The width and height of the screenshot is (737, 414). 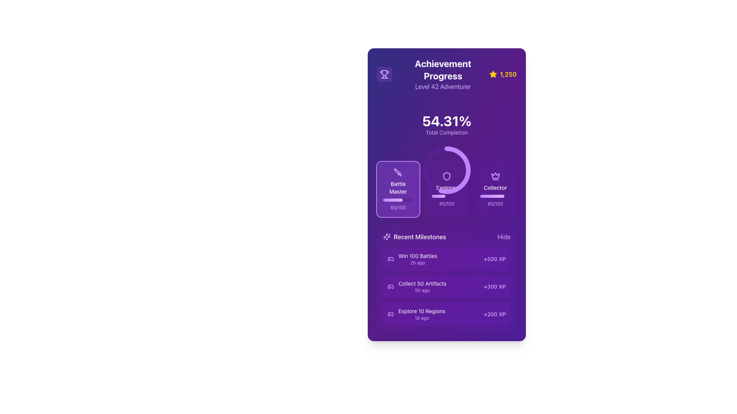 I want to click on the 'Battle Master' text label displayed on a purple background within the card-like UI component, so click(x=398, y=187).